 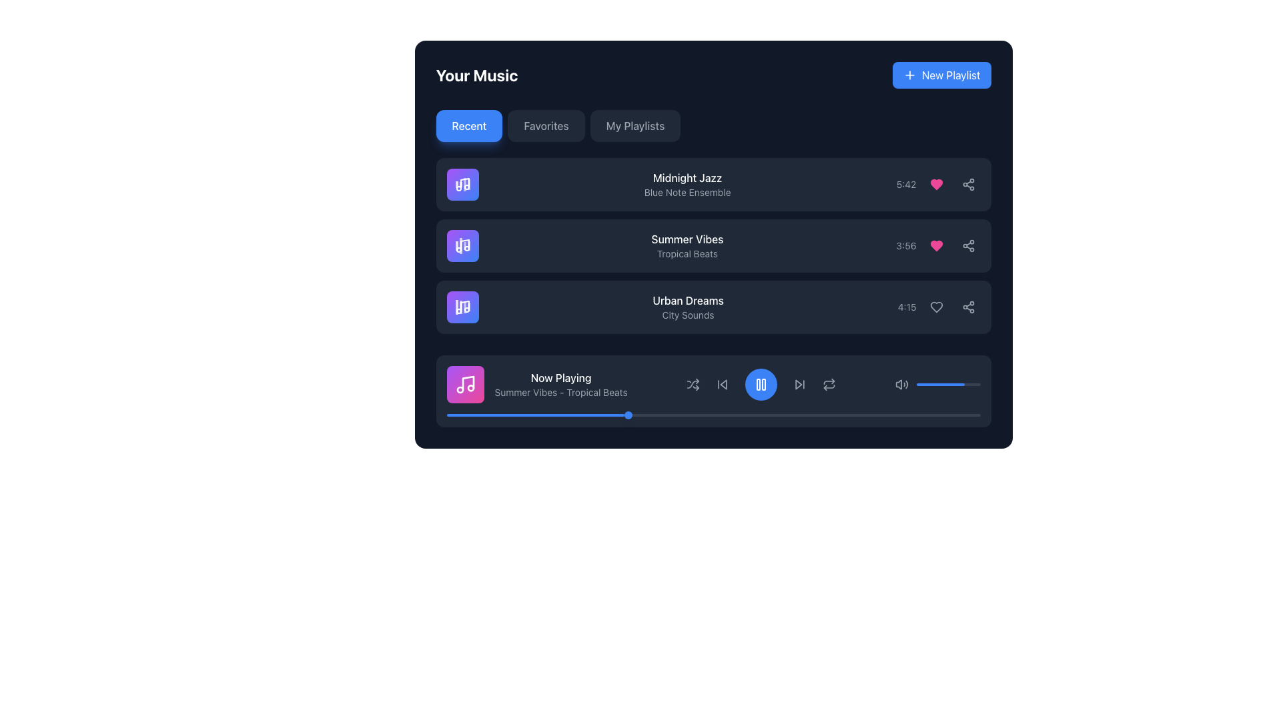 What do you see at coordinates (634, 126) in the screenshot?
I see `the 'My Playlists' tab button, which is the third button in a group of three` at bounding box center [634, 126].